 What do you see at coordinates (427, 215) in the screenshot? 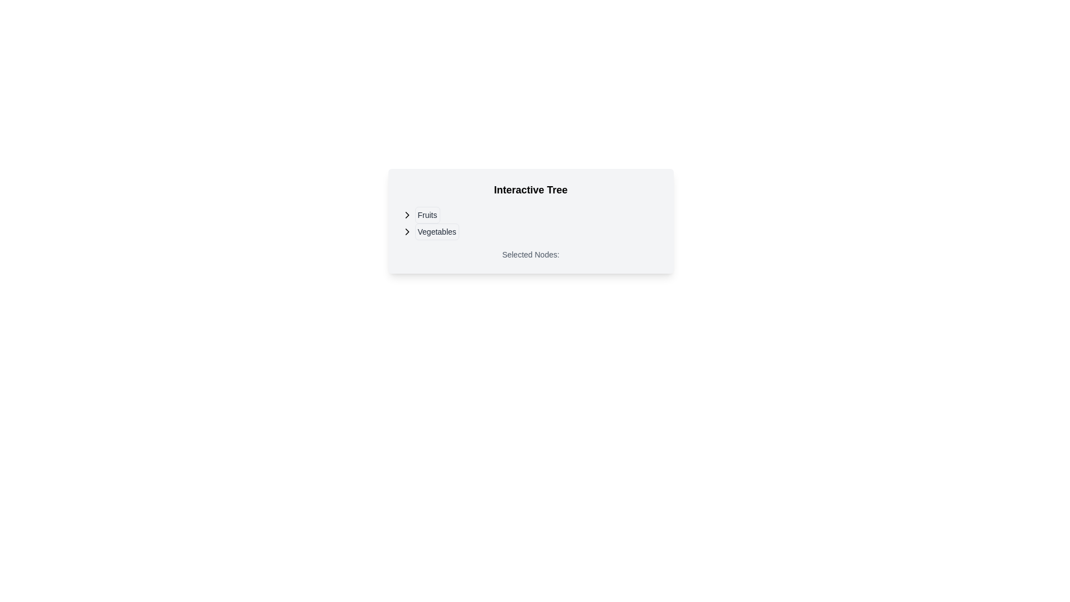
I see `the first selectable node in the interactive tree interface, located next to the arrow icon` at bounding box center [427, 215].